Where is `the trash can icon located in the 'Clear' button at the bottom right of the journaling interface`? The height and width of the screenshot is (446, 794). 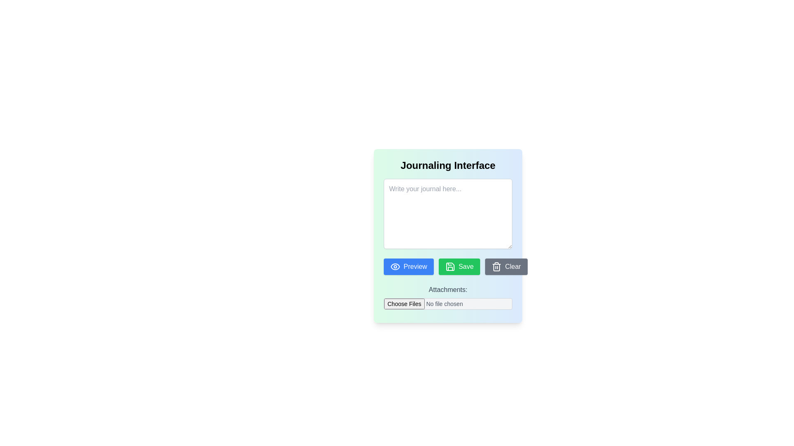 the trash can icon located in the 'Clear' button at the bottom right of the journaling interface is located at coordinates (496, 266).